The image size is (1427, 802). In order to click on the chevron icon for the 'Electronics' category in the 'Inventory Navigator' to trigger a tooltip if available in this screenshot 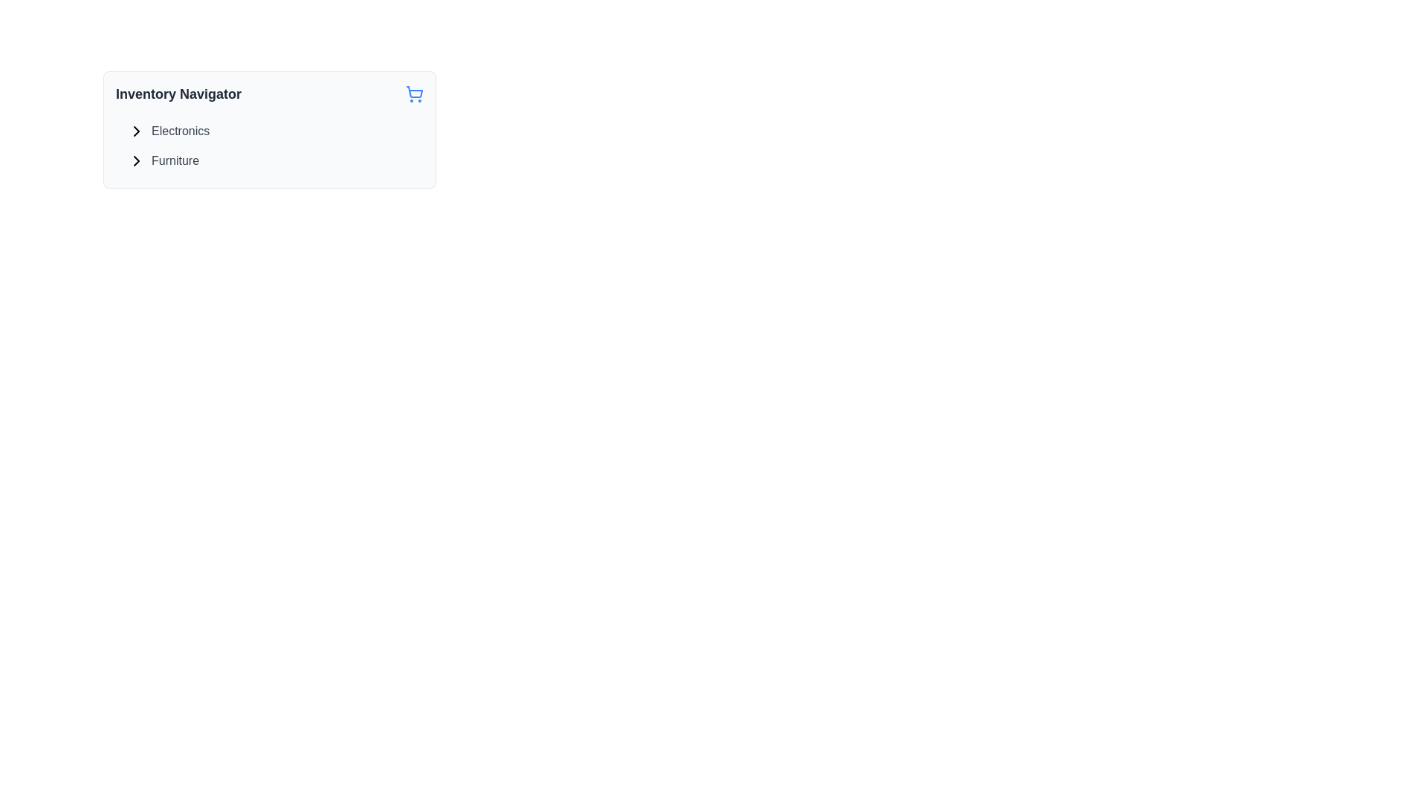, I will do `click(136, 131)`.